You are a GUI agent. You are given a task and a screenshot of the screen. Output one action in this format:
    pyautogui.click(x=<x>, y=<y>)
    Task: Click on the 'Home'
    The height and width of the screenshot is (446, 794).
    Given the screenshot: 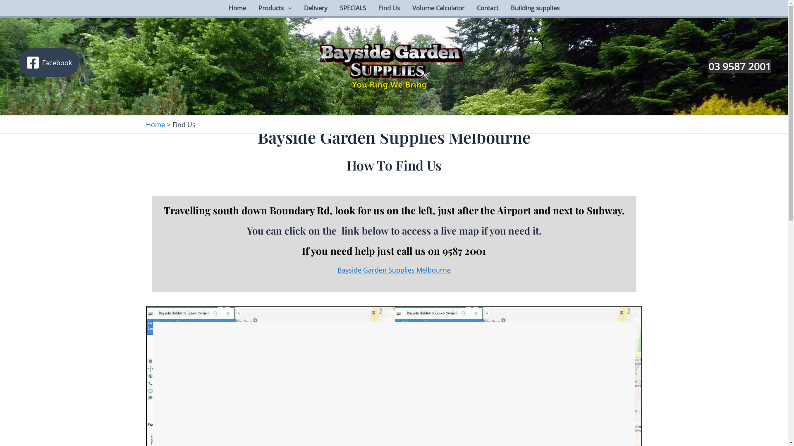 What is the action you would take?
    pyautogui.click(x=237, y=8)
    